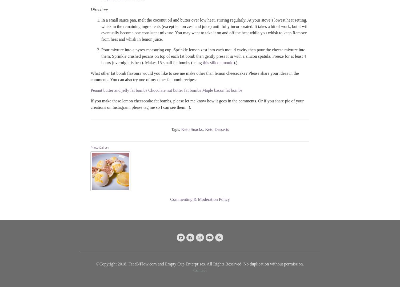  What do you see at coordinates (100, 9) in the screenshot?
I see `'Directions:'` at bounding box center [100, 9].